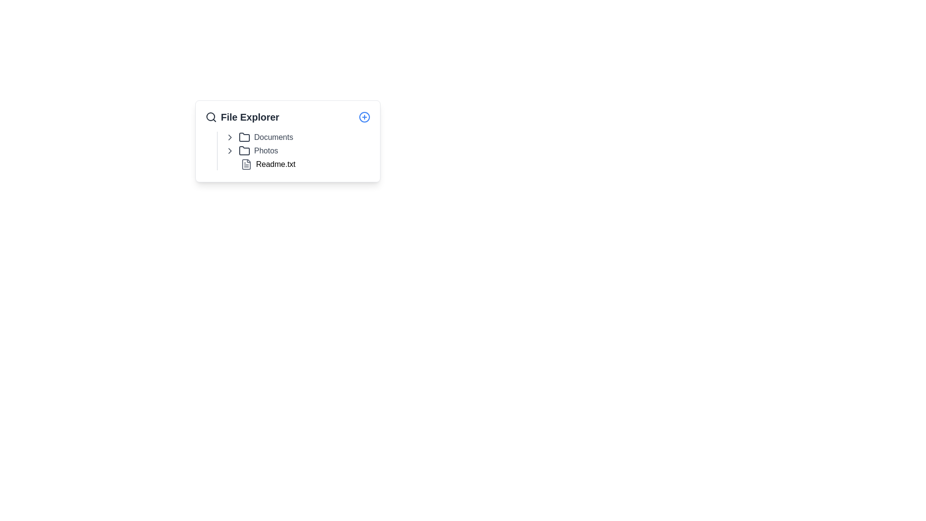 The height and width of the screenshot is (521, 926). Describe the element at coordinates (259, 137) in the screenshot. I see `the 'Documents' Interactive List Item in the File Explorer to change its text color` at that location.